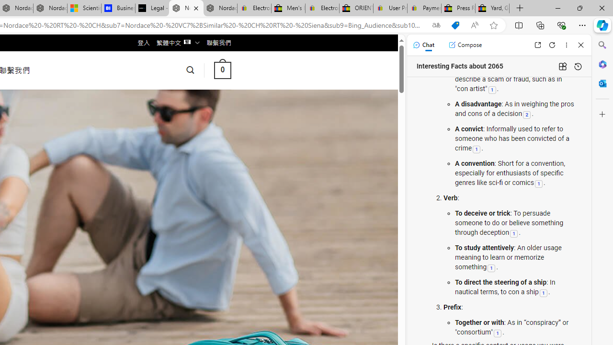 This screenshot has width=613, height=345. What do you see at coordinates (222, 69) in the screenshot?
I see `' 0 '` at bounding box center [222, 69].